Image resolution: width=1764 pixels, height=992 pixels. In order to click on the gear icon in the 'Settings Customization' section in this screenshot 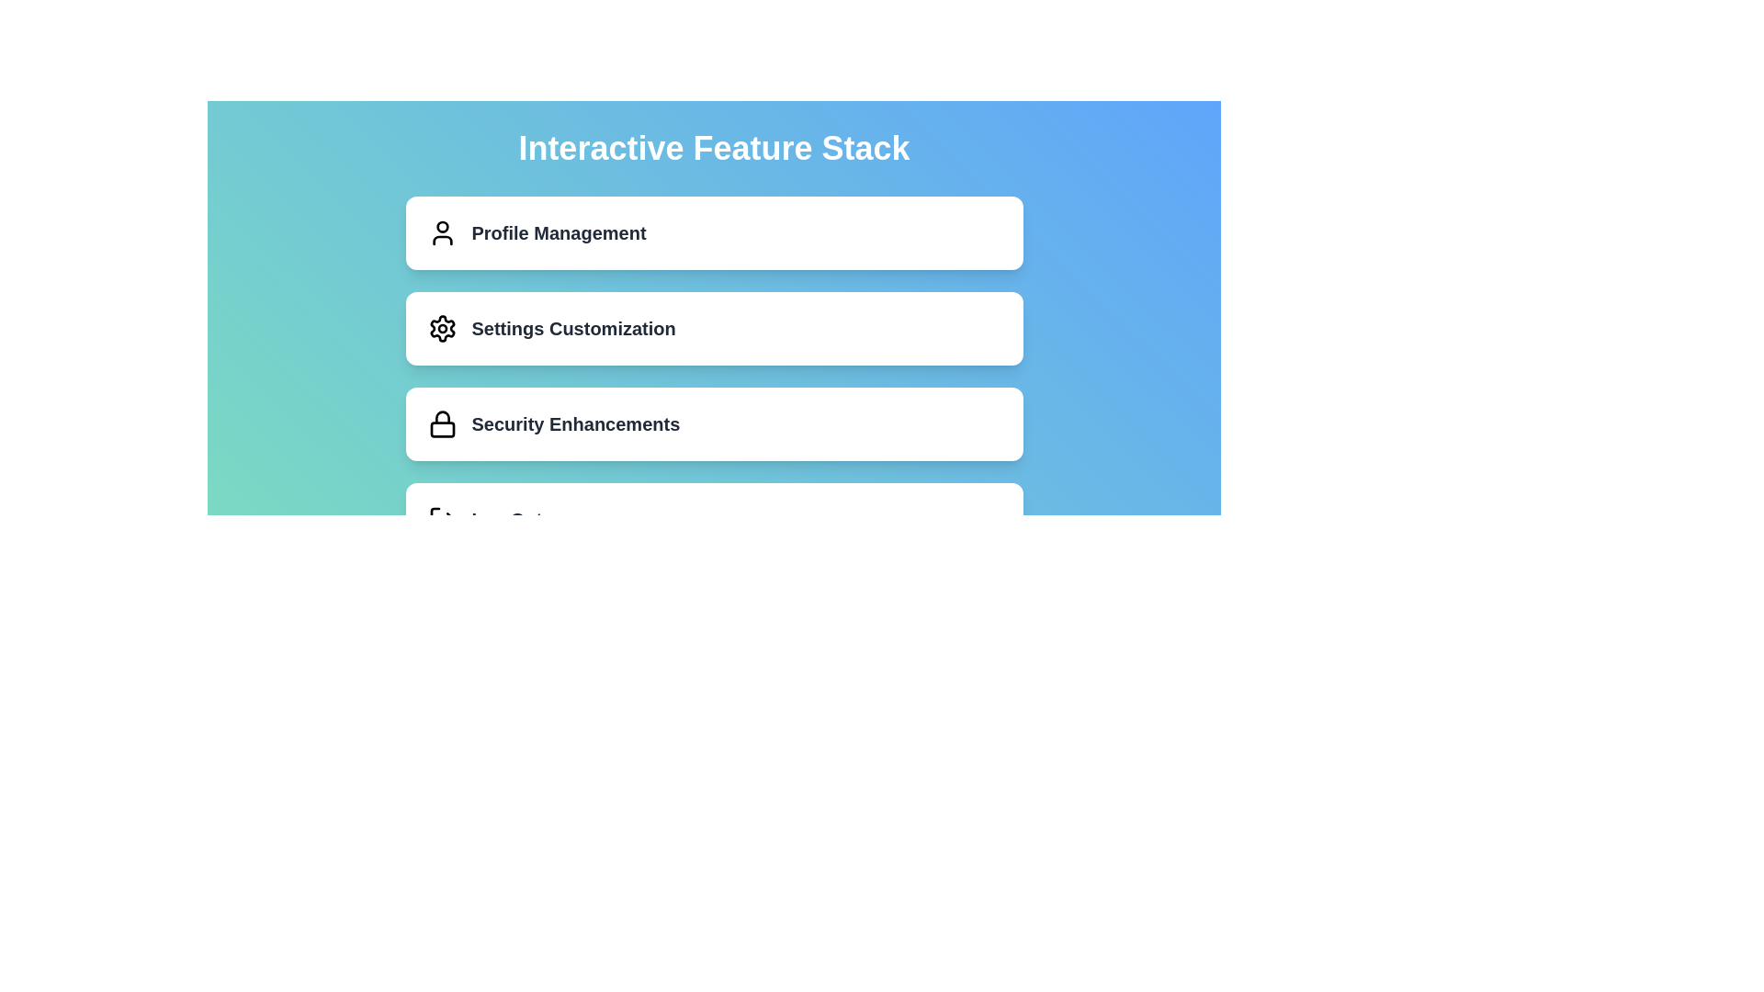, I will do `click(442, 328)`.